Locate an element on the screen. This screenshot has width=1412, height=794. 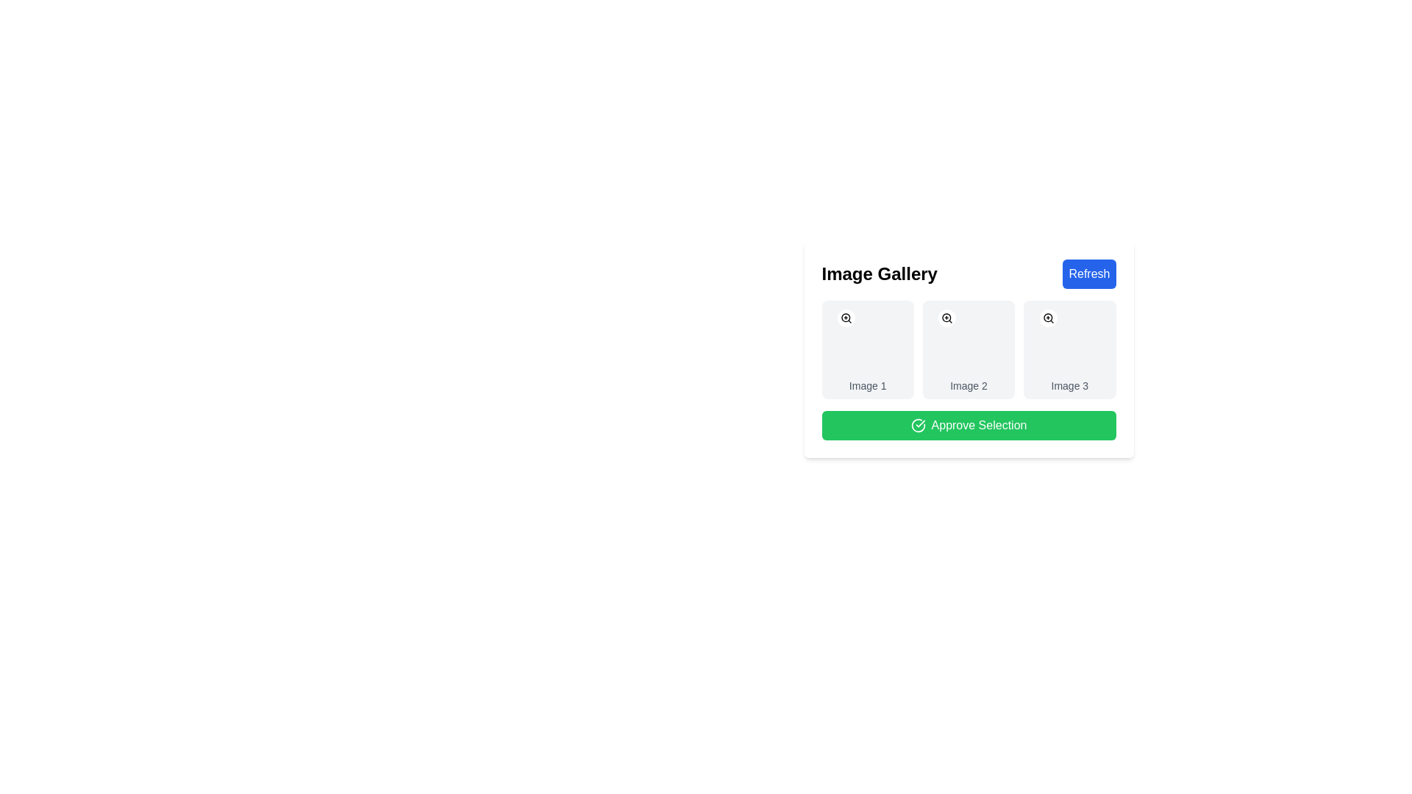
the Clickable Image Card located in the middle of the image gallery is located at coordinates (969, 349).